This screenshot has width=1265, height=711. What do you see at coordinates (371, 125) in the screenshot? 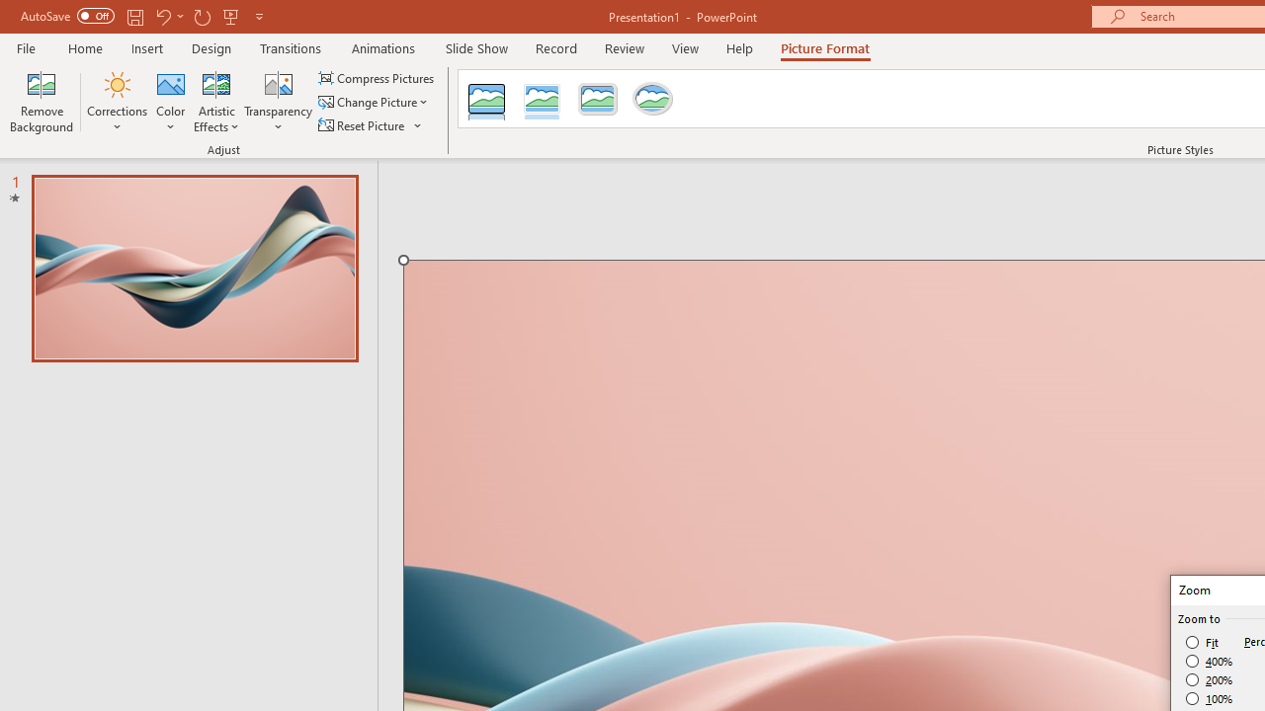
I see `'Reset Picture'` at bounding box center [371, 125].